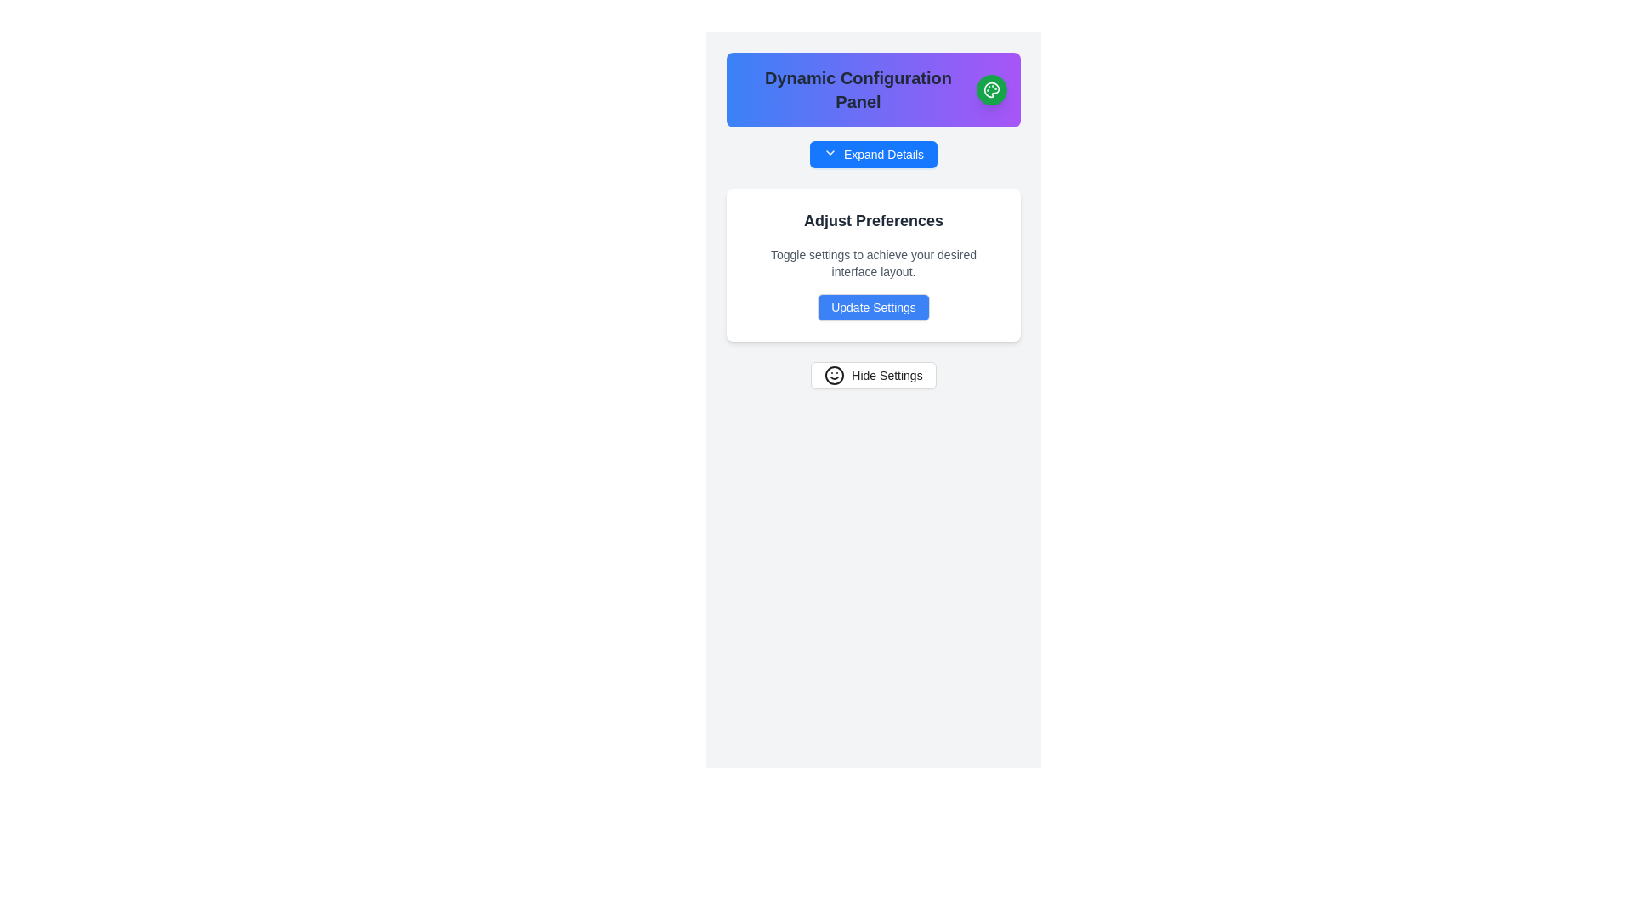 The image size is (1632, 918). I want to click on the blue button labeled 'Update Settings' with white text, so click(873, 308).